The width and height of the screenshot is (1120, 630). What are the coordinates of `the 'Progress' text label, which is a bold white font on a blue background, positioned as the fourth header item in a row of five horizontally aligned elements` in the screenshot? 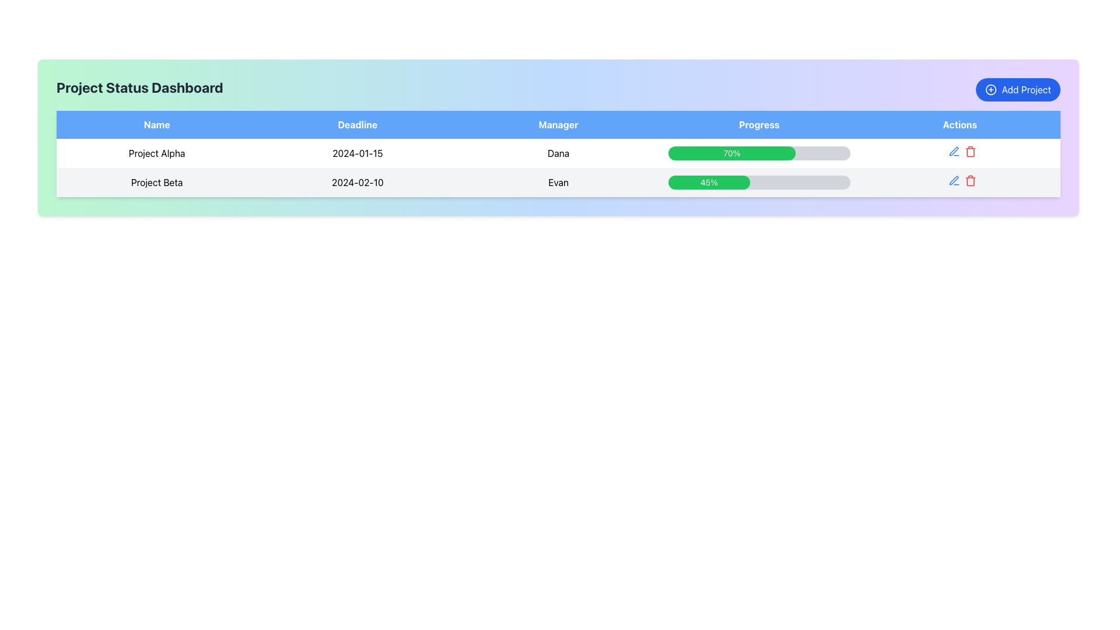 It's located at (759, 124).